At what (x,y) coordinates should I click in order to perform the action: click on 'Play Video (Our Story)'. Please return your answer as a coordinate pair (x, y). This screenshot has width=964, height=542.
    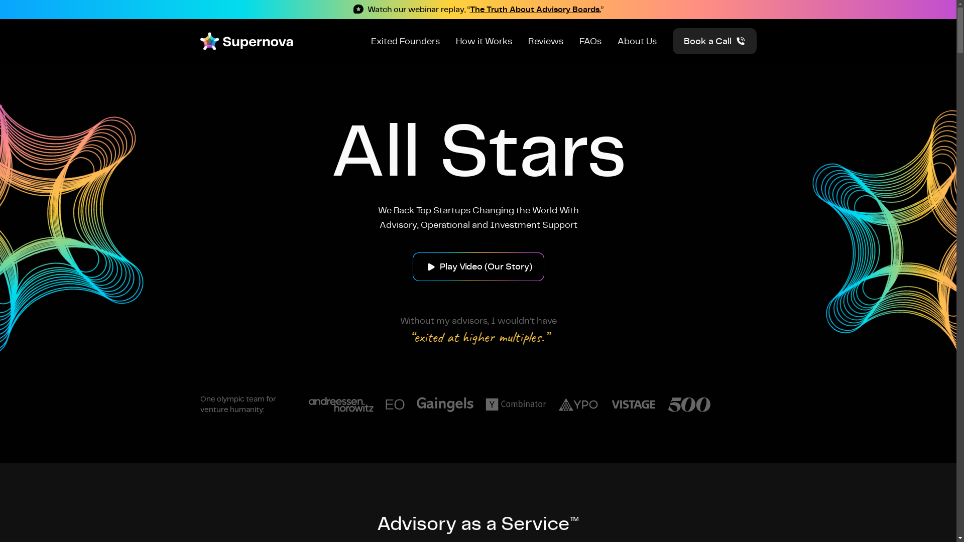
    Looking at the image, I should click on (478, 265).